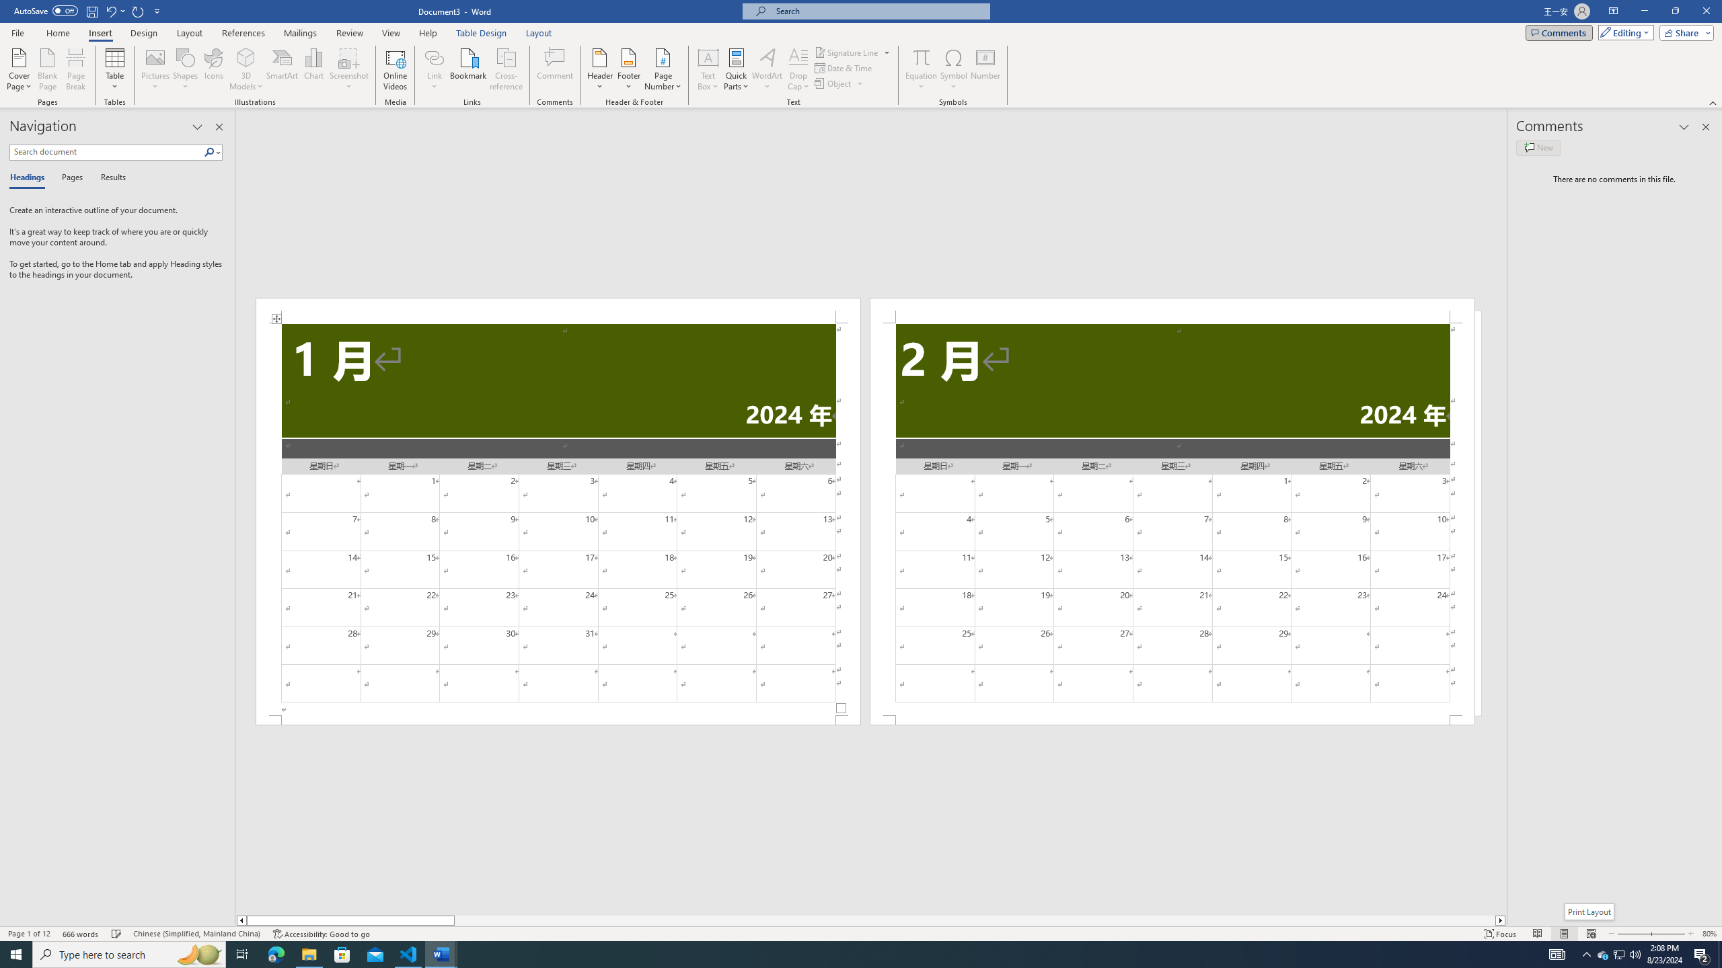 The image size is (1722, 968). Describe the element at coordinates (1629, 934) in the screenshot. I see `'Zoom Out'` at that location.